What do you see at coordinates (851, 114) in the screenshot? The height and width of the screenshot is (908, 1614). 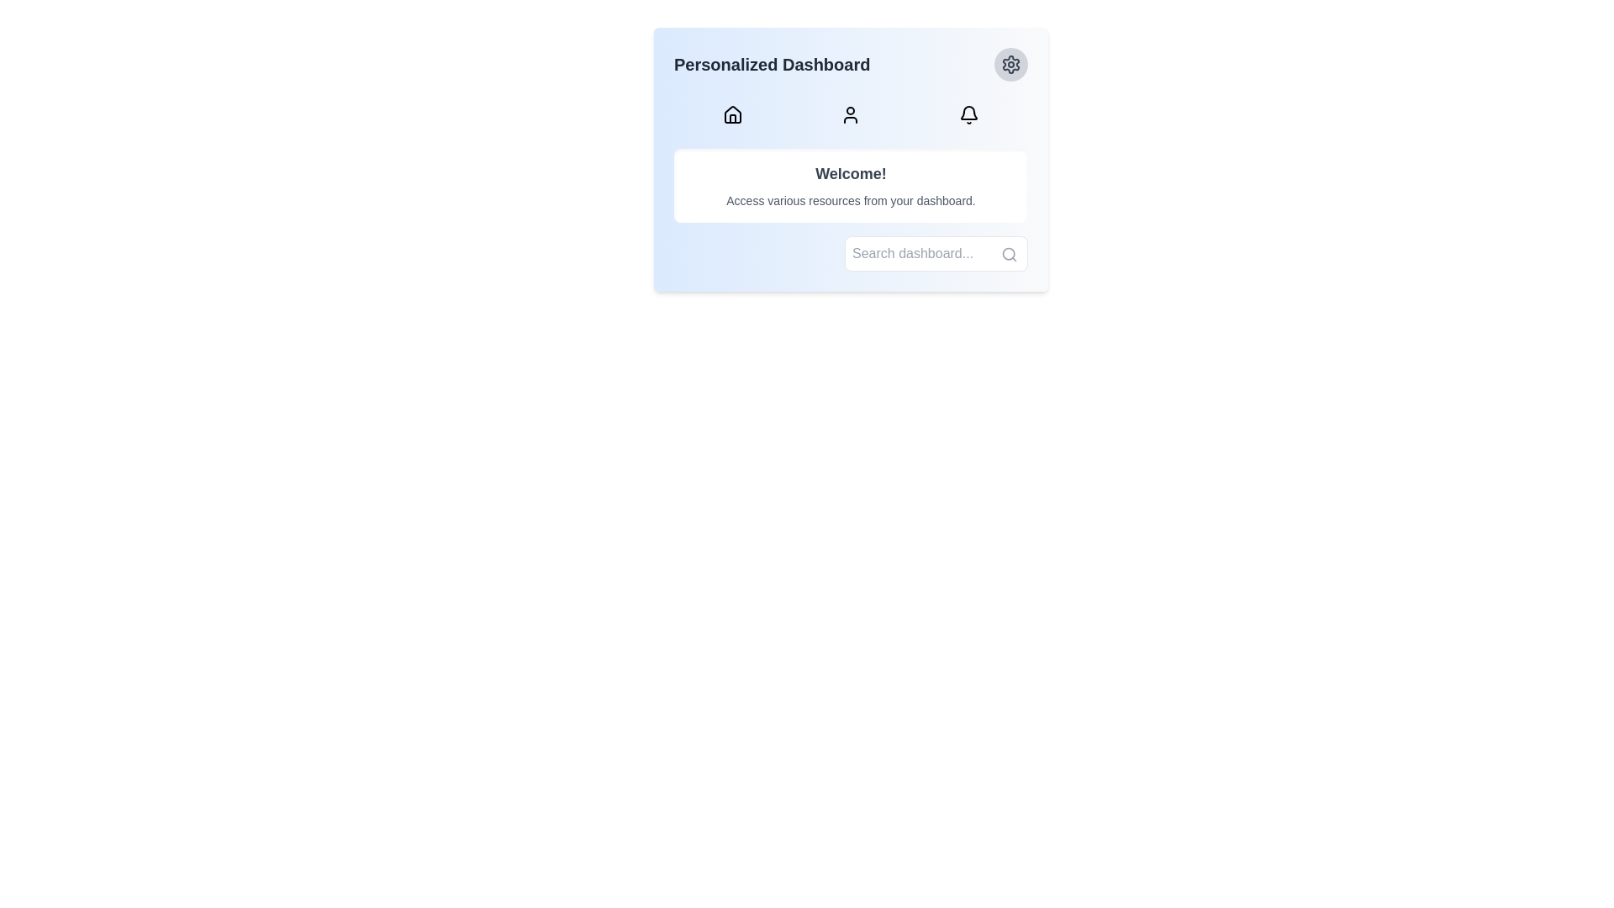 I see `the navigation bar icons for accessibility navigation` at bounding box center [851, 114].